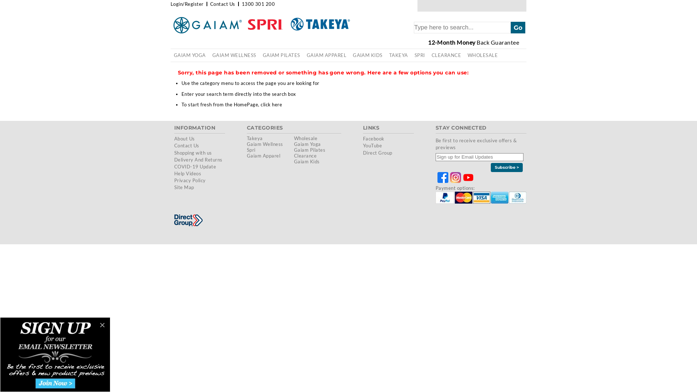  I want to click on 'Gaiam Yoga', so click(294, 144).